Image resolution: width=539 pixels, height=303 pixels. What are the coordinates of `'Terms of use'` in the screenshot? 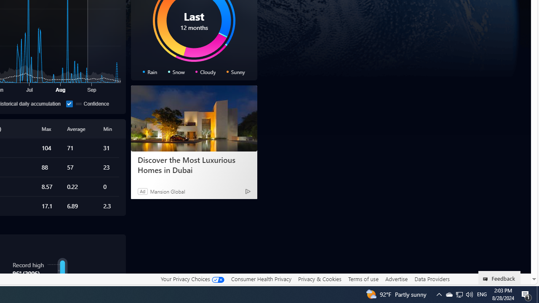 It's located at (363, 279).